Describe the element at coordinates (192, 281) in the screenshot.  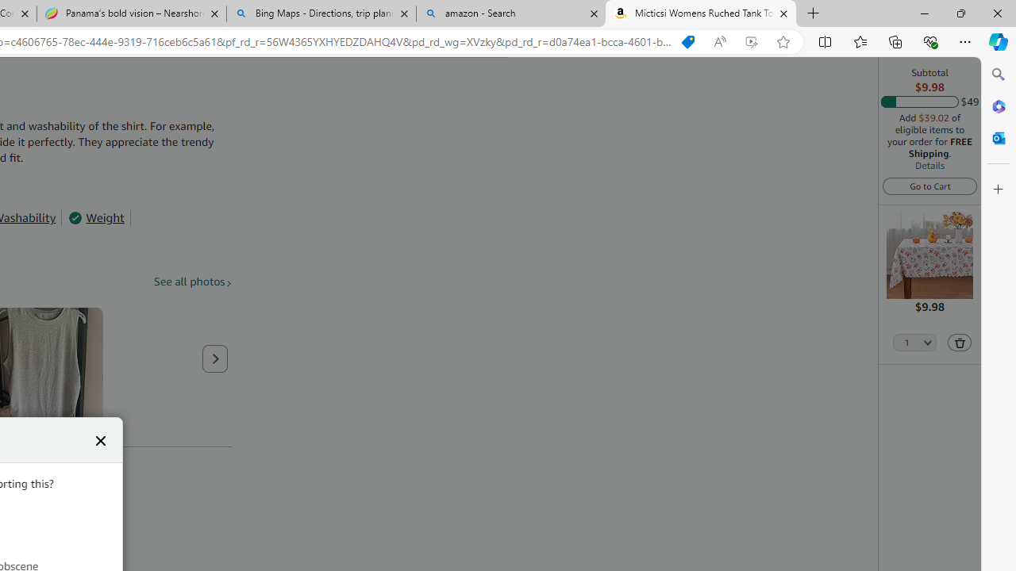
I see `'See all photos'` at that location.